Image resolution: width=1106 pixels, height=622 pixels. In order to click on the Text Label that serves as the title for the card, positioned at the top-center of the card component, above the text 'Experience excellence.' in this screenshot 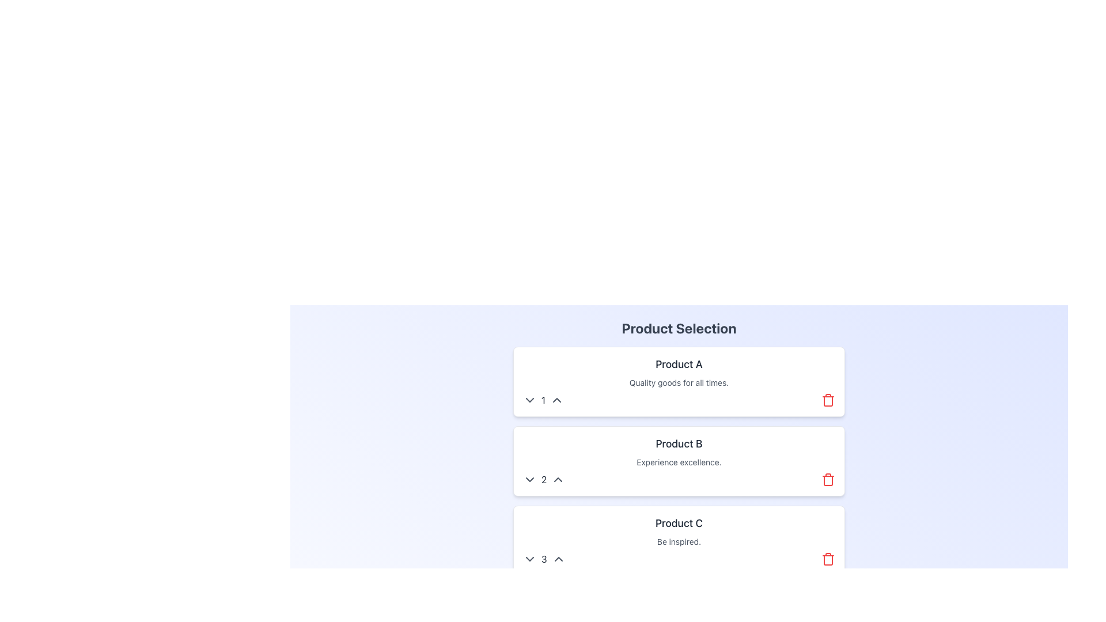, I will do `click(679, 443)`.